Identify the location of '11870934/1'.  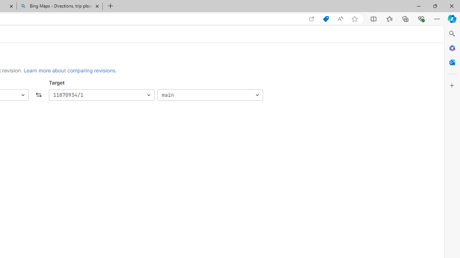
(101, 95).